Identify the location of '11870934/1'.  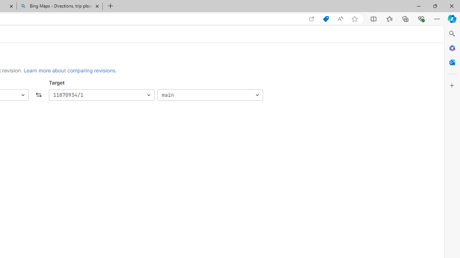
(101, 95).